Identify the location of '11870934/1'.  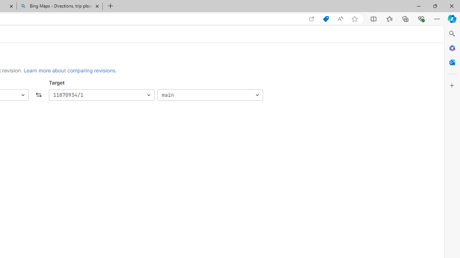
(101, 95).